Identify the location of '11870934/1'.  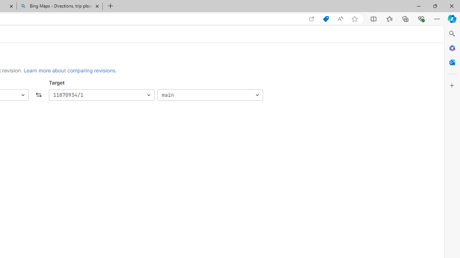
(101, 95).